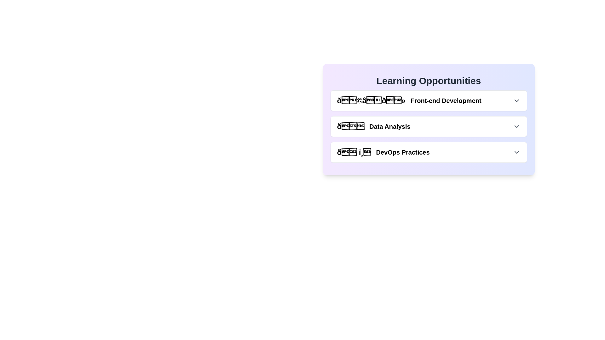  What do you see at coordinates (354, 152) in the screenshot?
I see `the DevOps Practices icon or emoji located in the lowermost item of the list within the 'Learning Opportunities' card, which is visually aligned with the text 'DevOps Practices'` at bounding box center [354, 152].